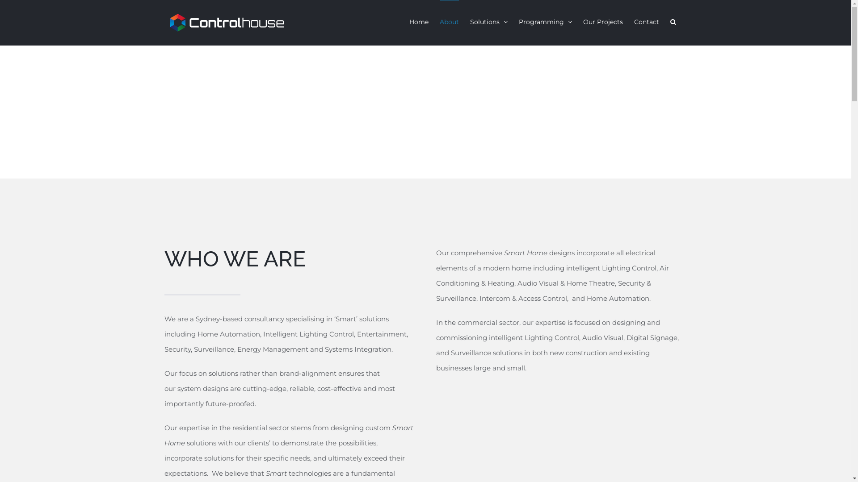 This screenshot has height=482, width=858. What do you see at coordinates (646, 21) in the screenshot?
I see `'Contact'` at bounding box center [646, 21].